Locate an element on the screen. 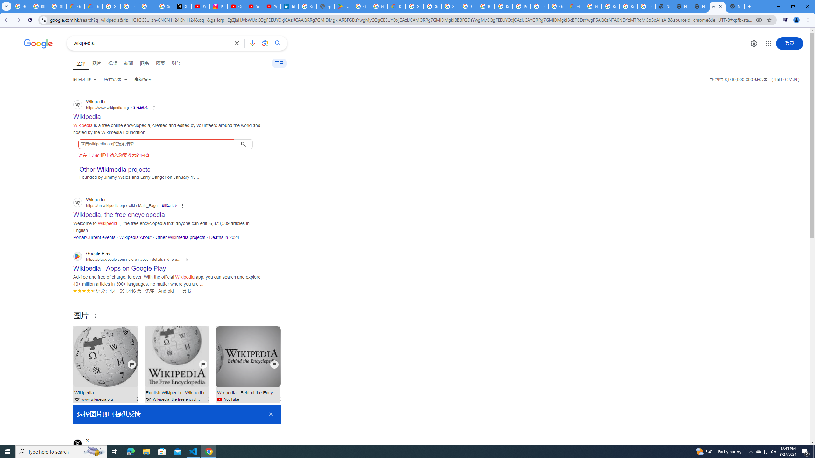 Image resolution: width=815 pixels, height=458 pixels. 'Google Cloud Estimate Summary' is located at coordinates (575, 6).